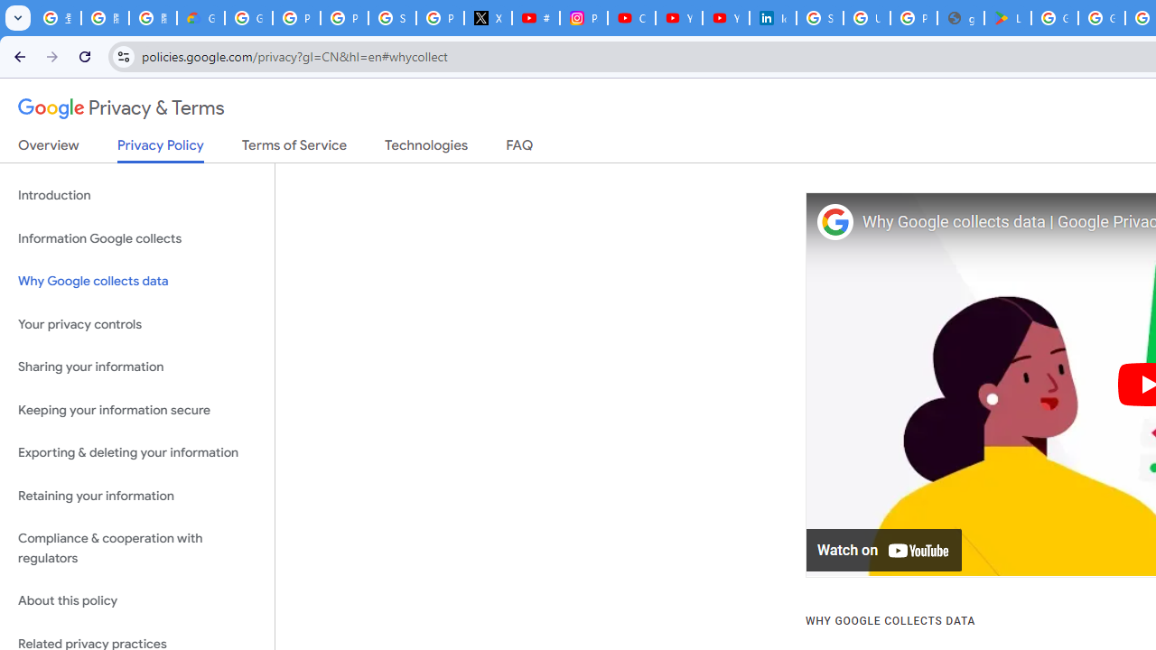 The image size is (1156, 650). What do you see at coordinates (488, 18) in the screenshot?
I see `'X'` at bounding box center [488, 18].